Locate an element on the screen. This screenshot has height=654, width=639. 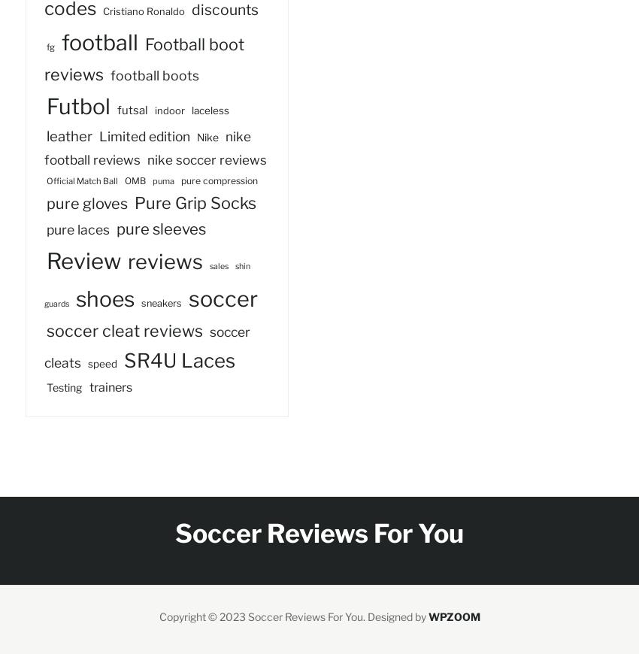
'football' is located at coordinates (100, 41).